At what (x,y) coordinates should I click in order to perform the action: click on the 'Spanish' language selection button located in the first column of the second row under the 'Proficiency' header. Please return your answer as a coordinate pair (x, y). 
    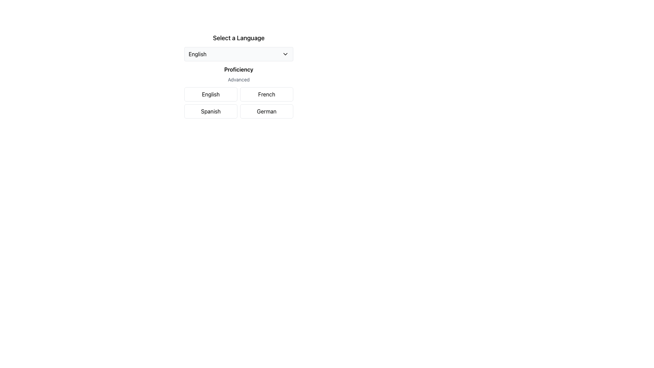
    Looking at the image, I should click on (211, 111).